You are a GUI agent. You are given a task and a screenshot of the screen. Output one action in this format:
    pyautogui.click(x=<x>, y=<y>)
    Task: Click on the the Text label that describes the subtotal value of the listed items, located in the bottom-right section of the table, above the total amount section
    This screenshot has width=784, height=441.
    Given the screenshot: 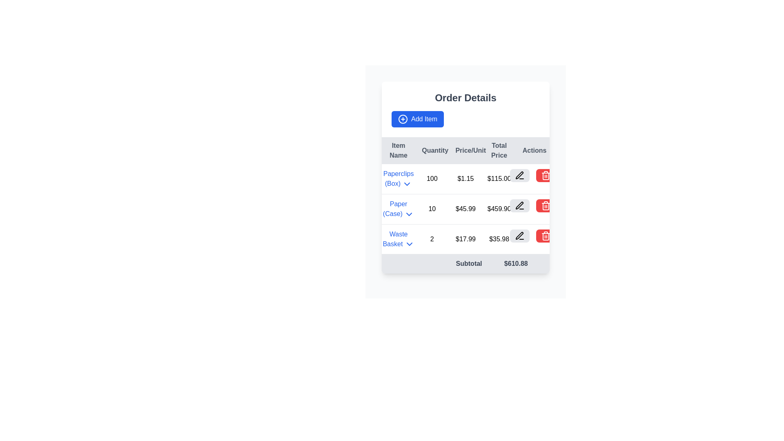 What is the action you would take?
    pyautogui.click(x=432, y=264)
    